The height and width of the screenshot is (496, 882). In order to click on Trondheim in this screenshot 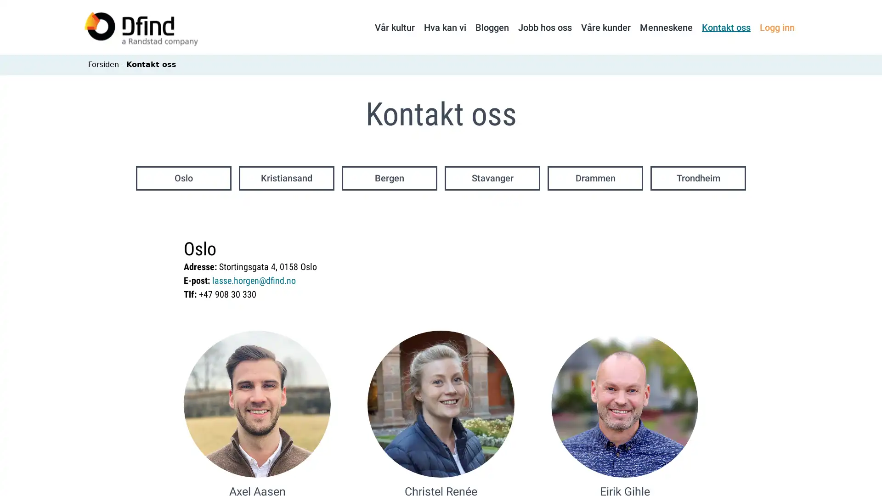, I will do `click(698, 178)`.